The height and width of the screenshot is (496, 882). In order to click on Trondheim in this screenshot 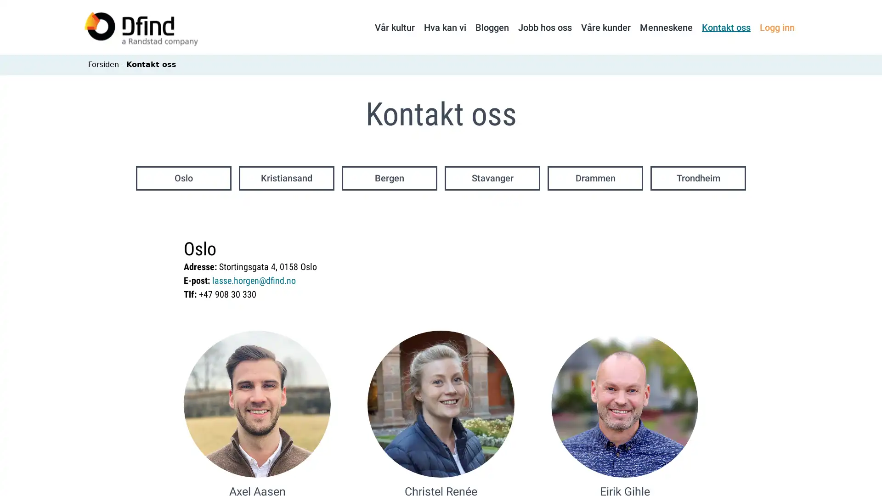, I will do `click(698, 178)`.